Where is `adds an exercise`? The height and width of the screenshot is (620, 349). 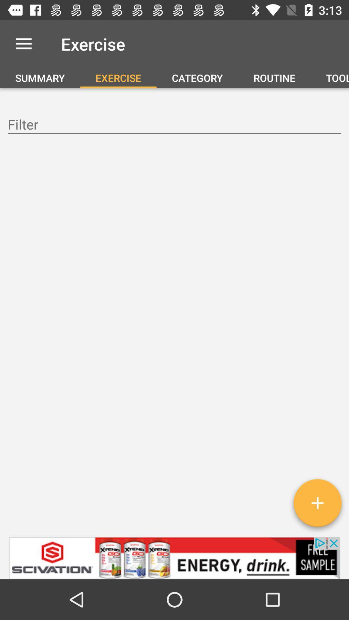 adds an exercise is located at coordinates (317, 505).